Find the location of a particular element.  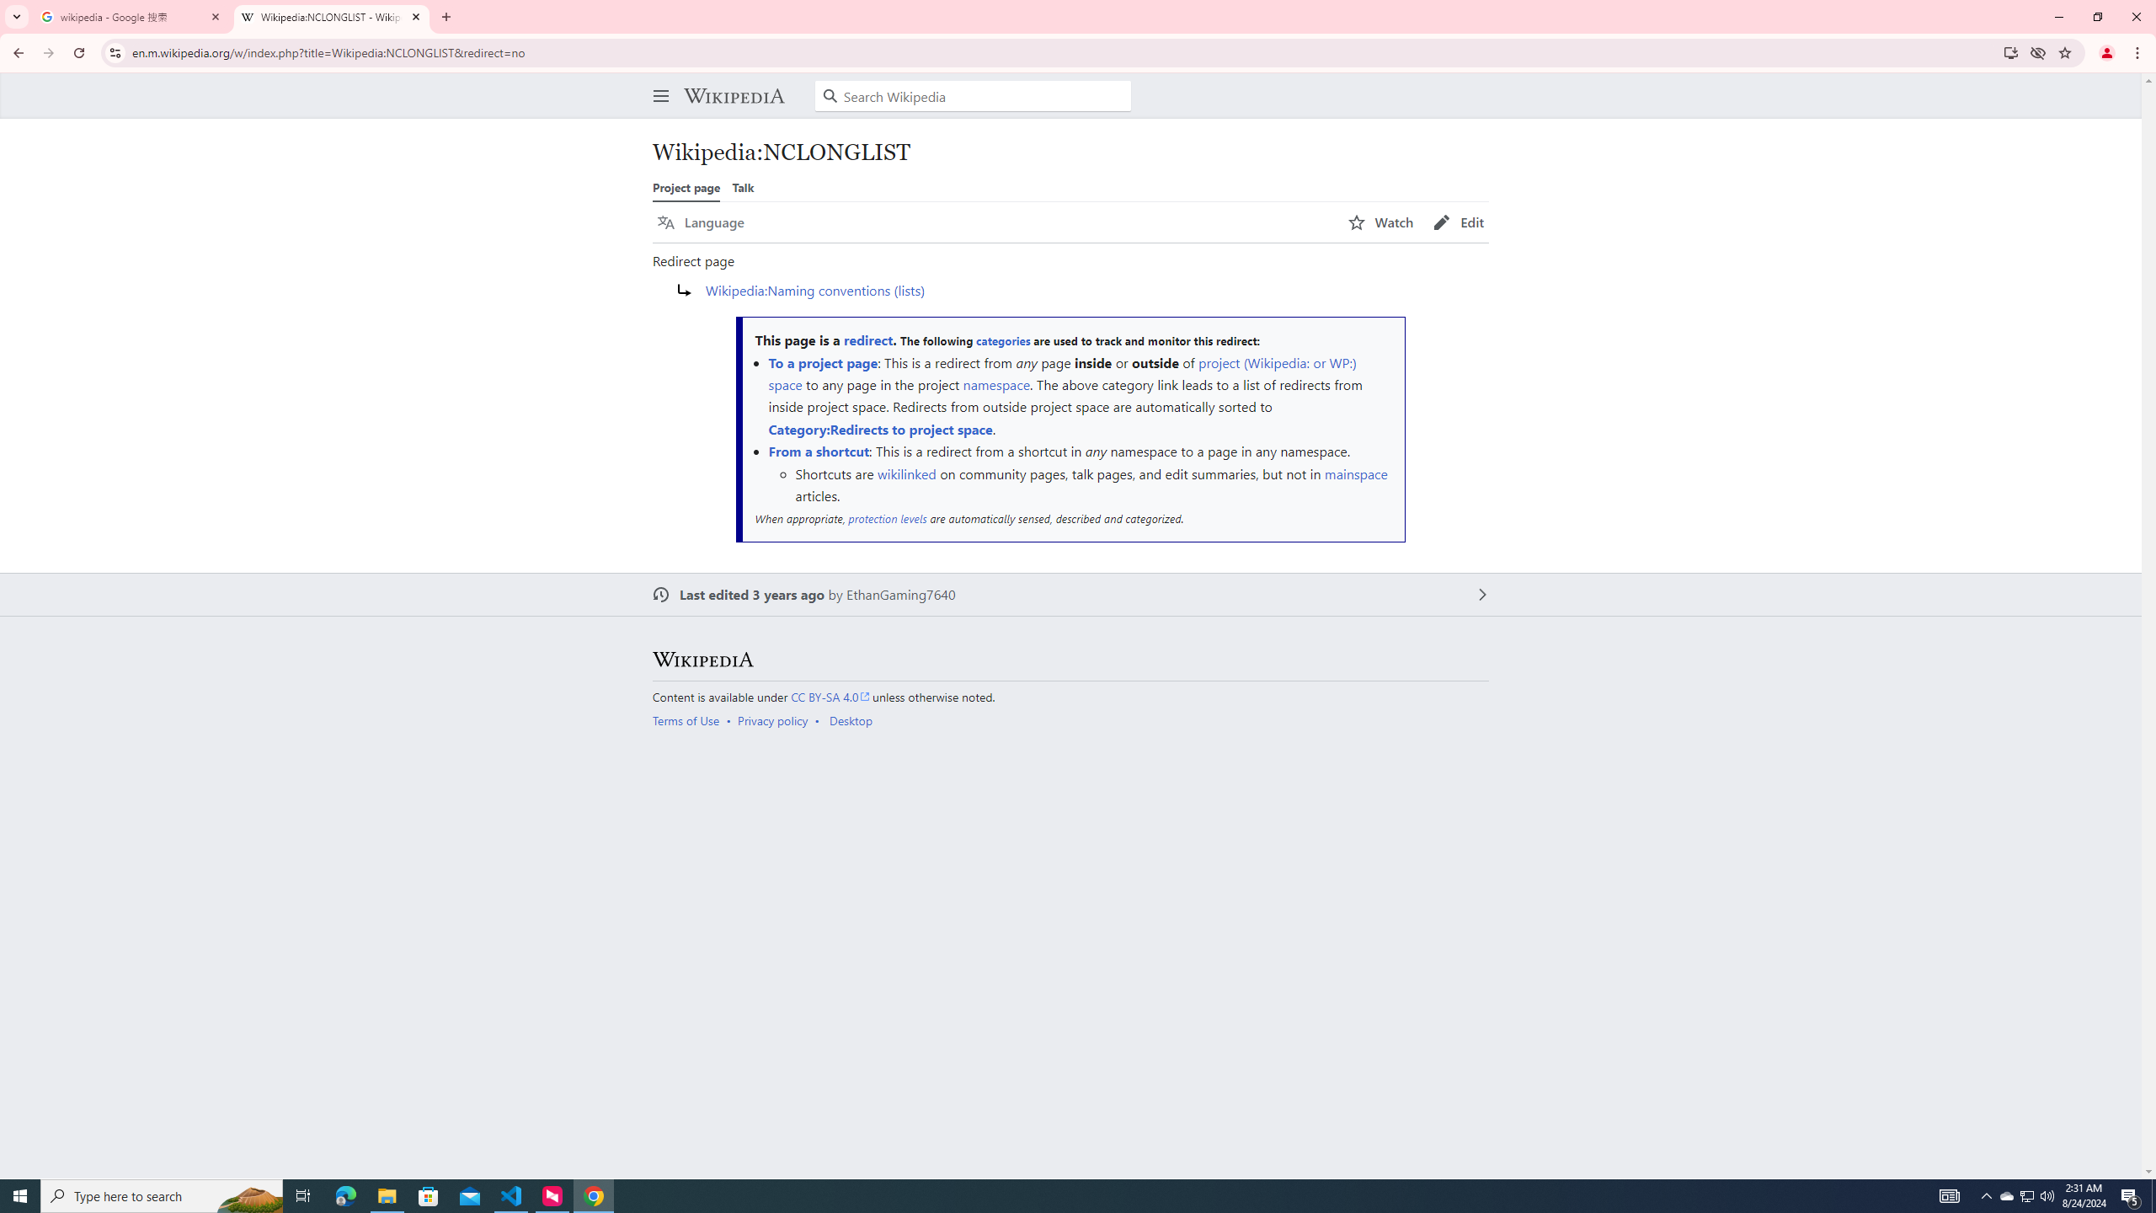

'Install Wikipedia' is located at coordinates (2011, 51).